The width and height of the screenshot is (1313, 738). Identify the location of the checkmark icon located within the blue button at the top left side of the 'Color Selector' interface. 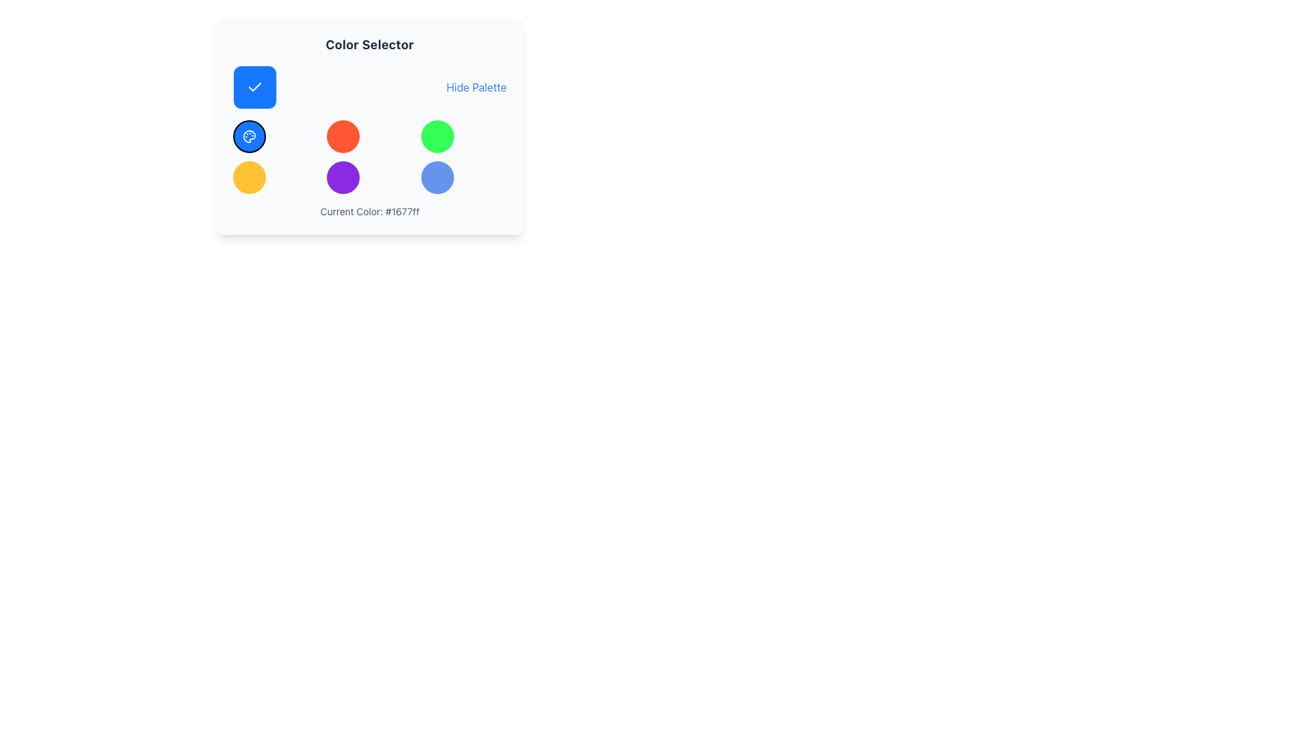
(255, 87).